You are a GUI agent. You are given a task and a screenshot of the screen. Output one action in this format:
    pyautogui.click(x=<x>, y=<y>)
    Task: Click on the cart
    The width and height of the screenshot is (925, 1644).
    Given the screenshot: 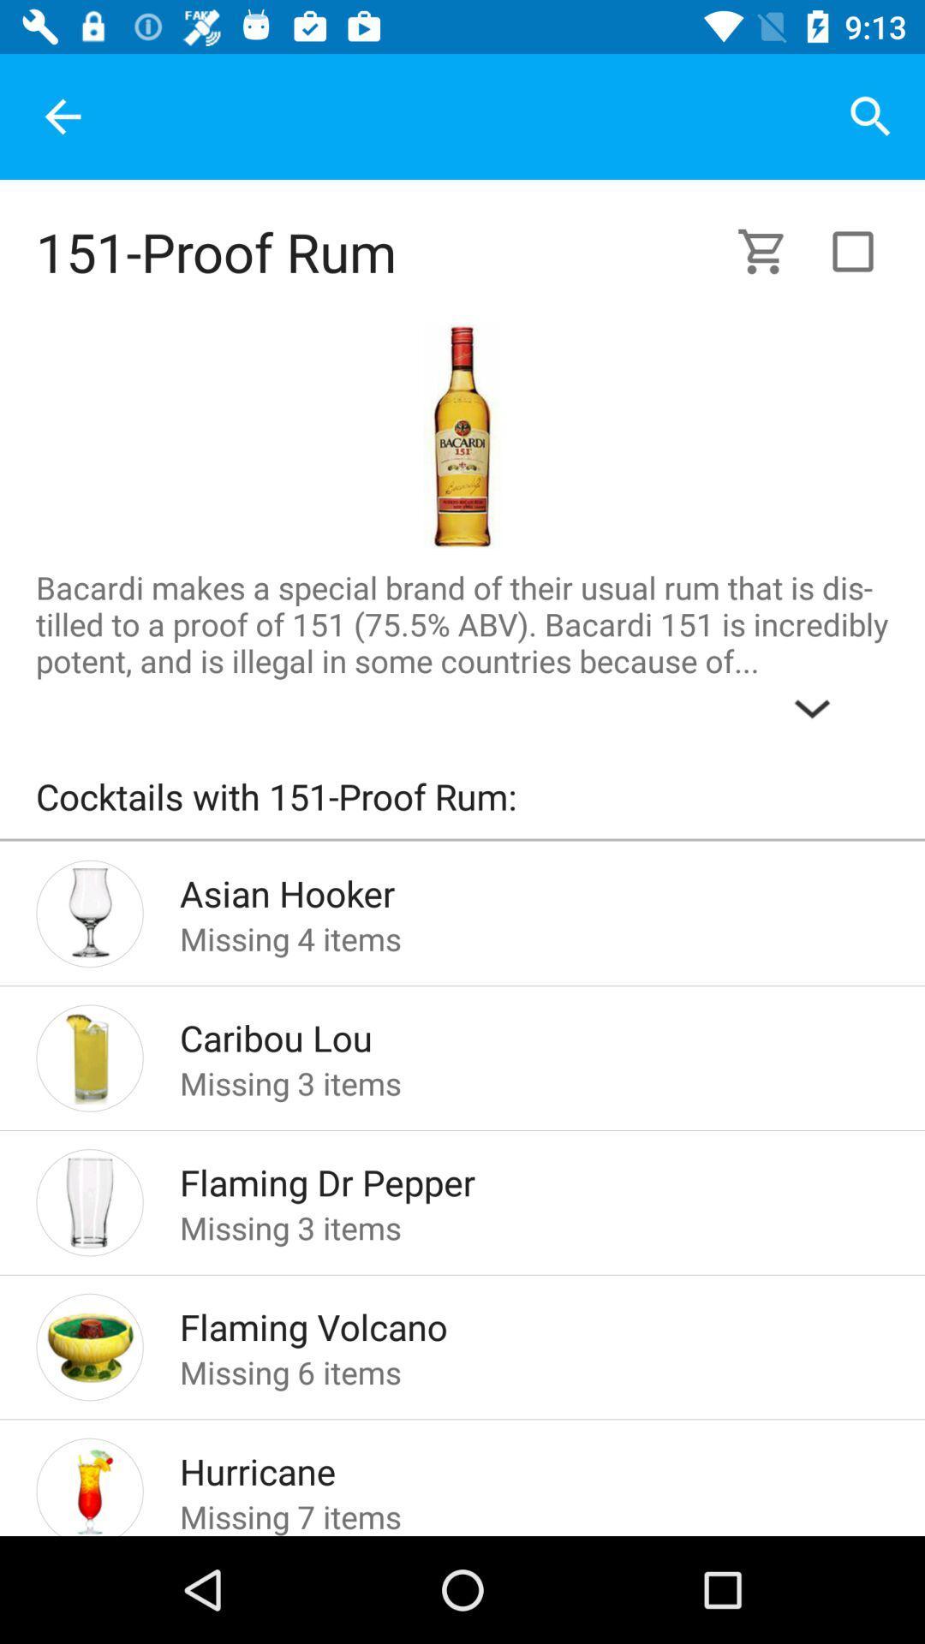 What is the action you would take?
    pyautogui.click(x=772, y=250)
    